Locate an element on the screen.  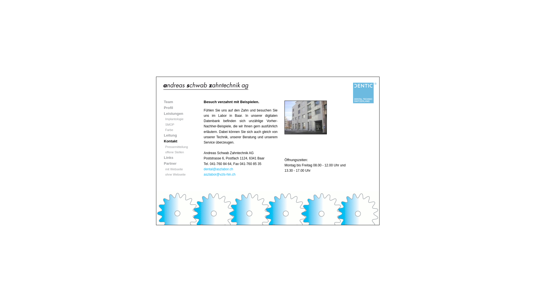
'Profil' is located at coordinates (168, 108).